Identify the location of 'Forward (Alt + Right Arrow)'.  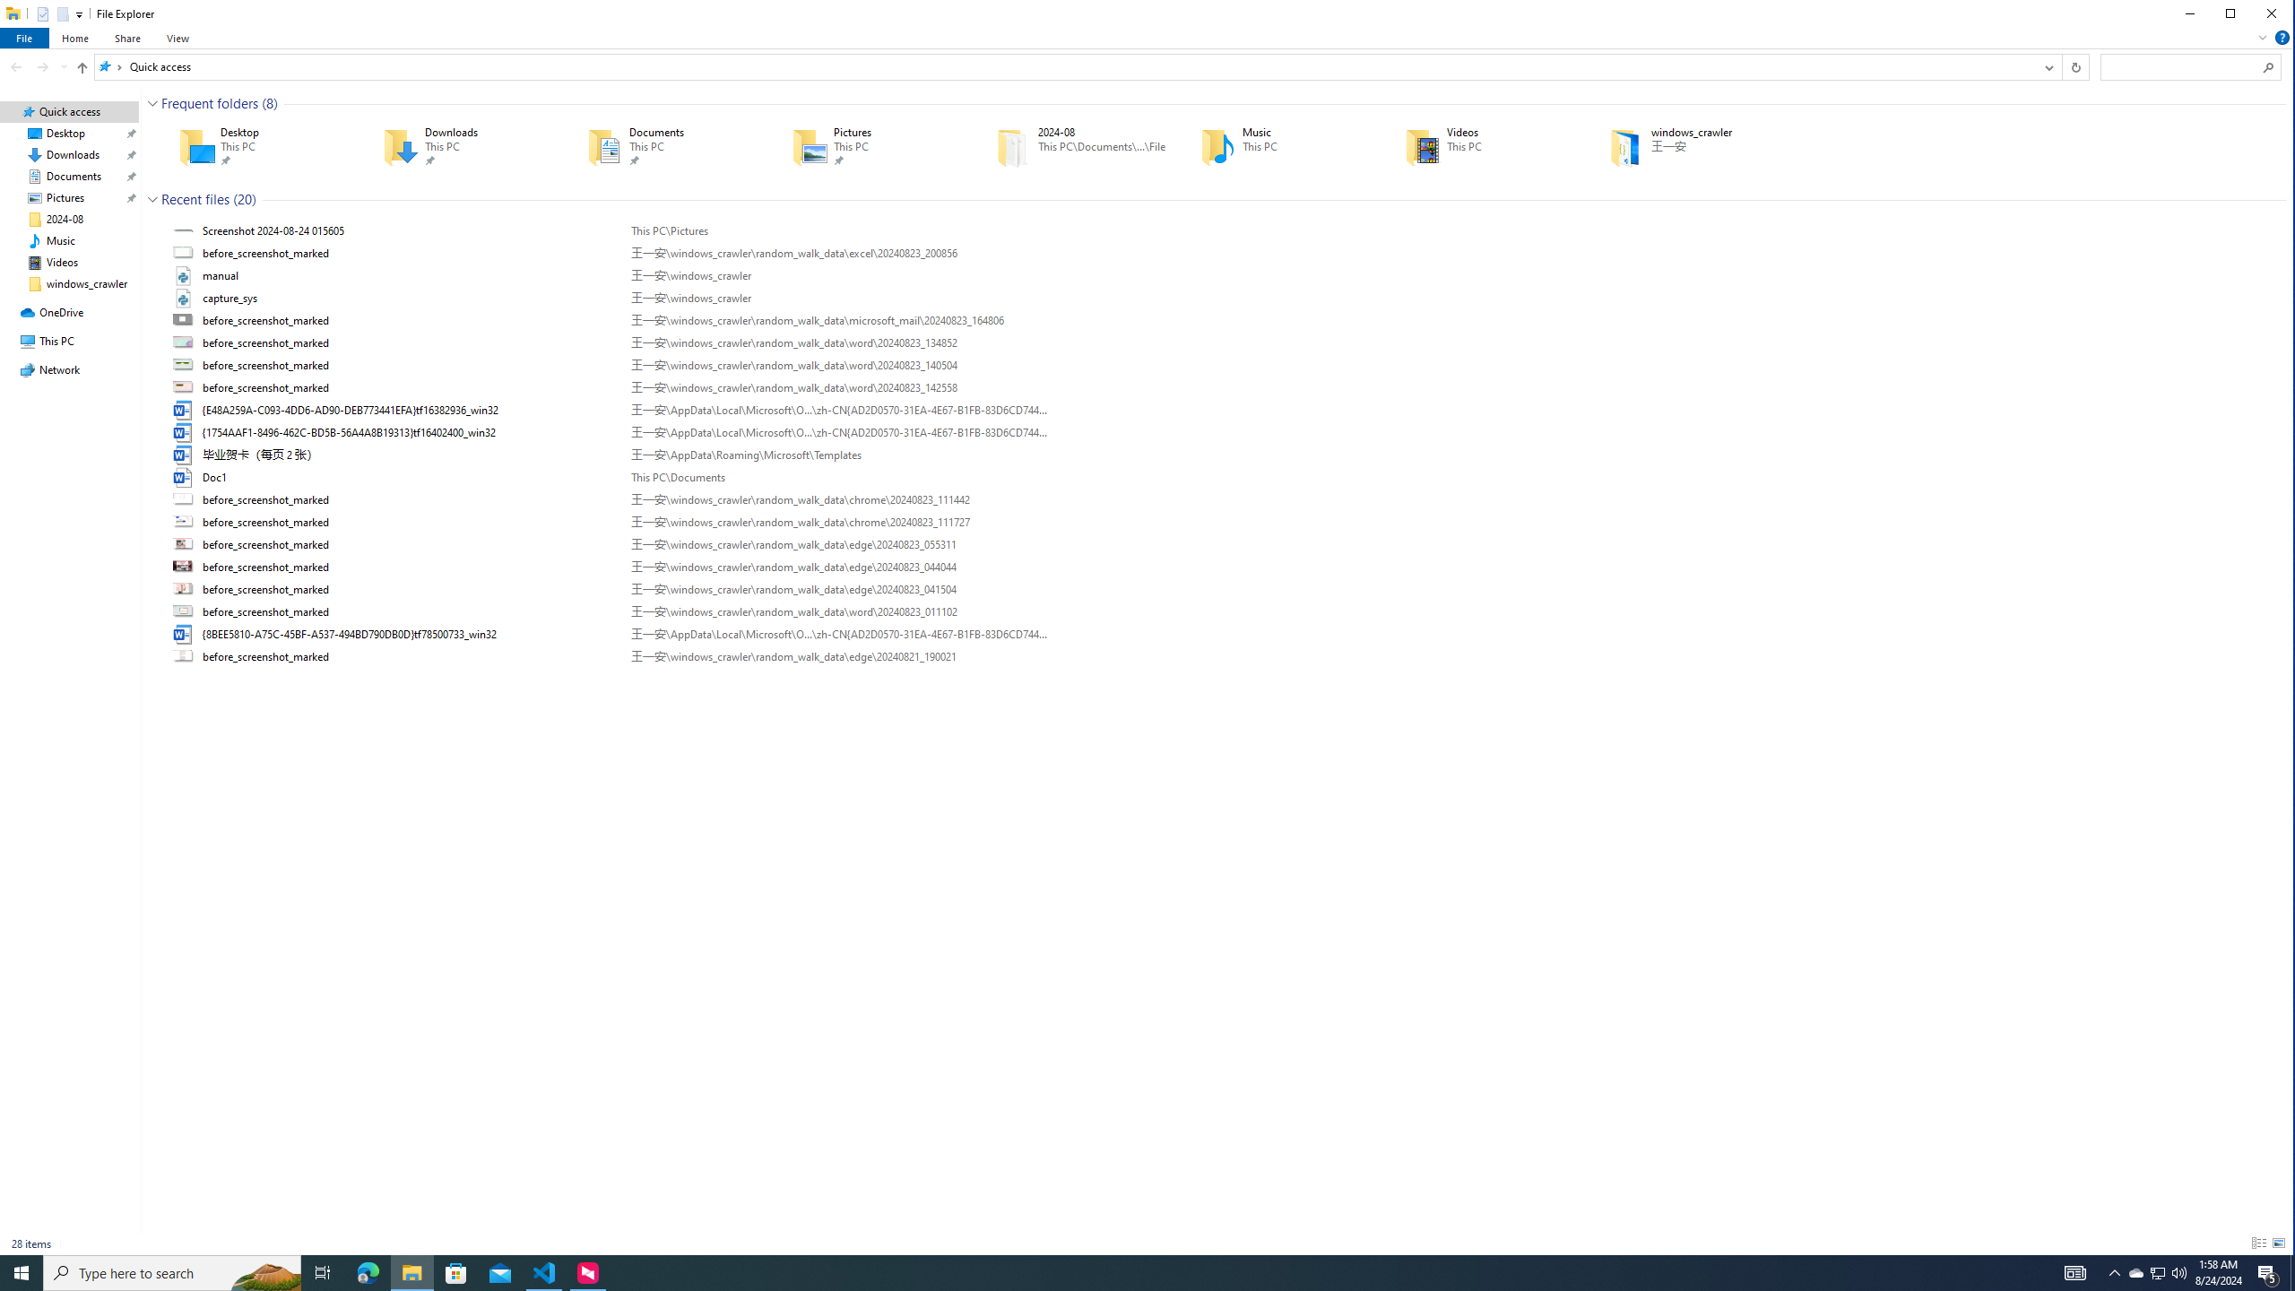
(43, 65).